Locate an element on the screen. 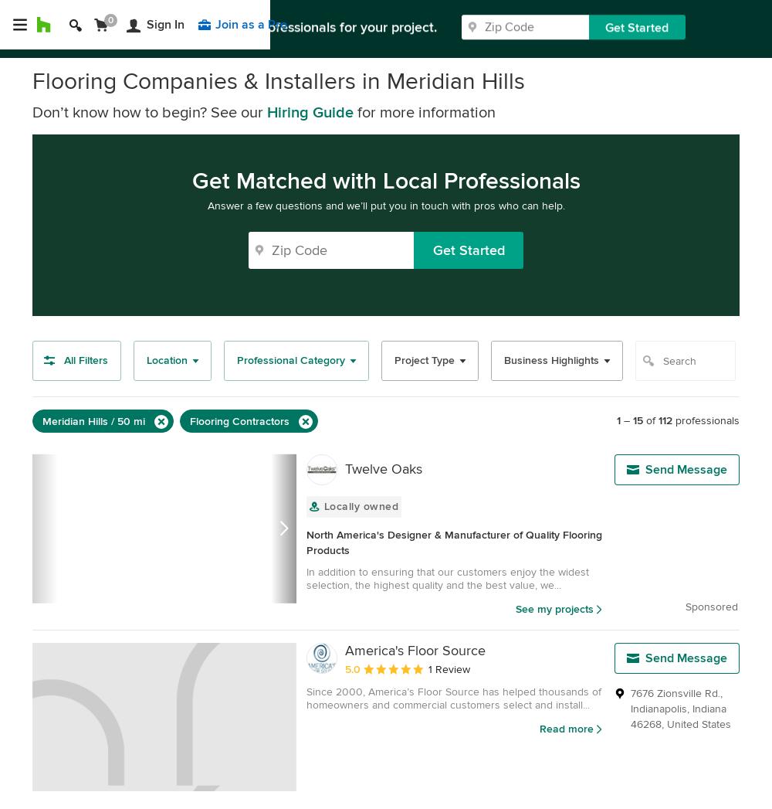 The image size is (772, 809). '15' is located at coordinates (632, 420).